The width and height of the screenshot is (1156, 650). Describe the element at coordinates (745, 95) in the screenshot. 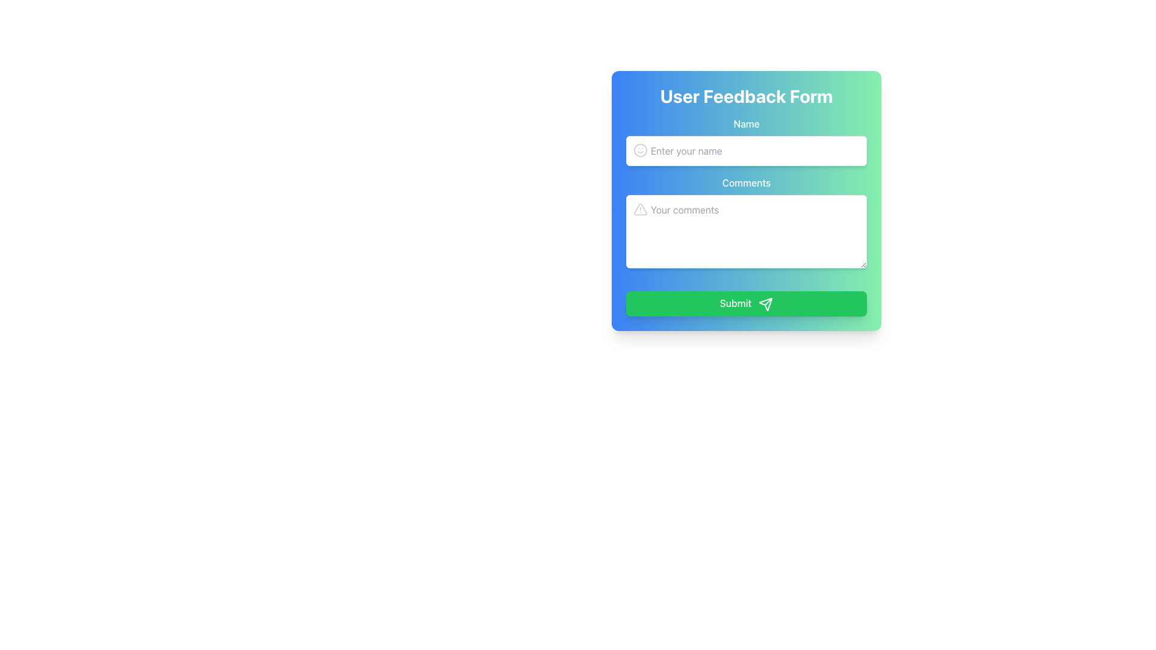

I see `text from the heading 'User Feedback Form' located at the top center of the interface, which is positioned above the input fields and buttons` at that location.